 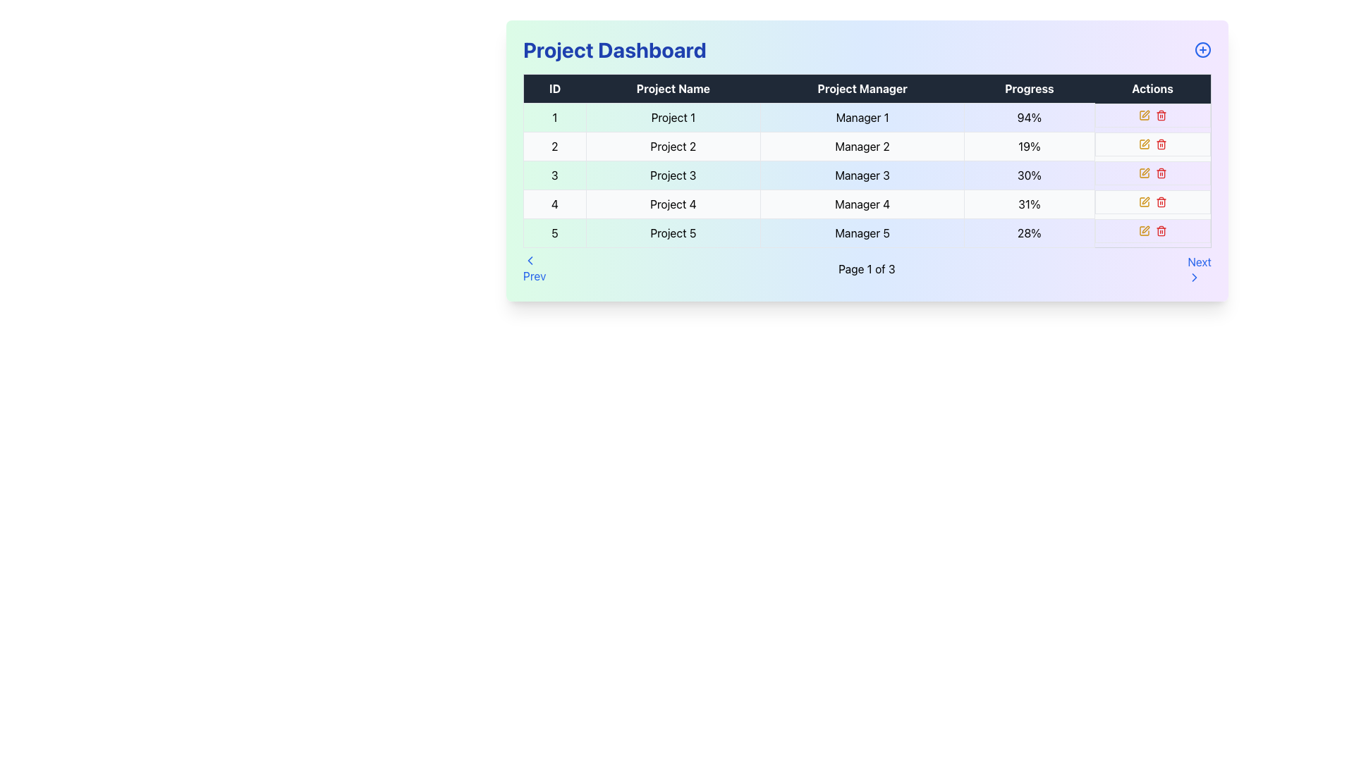 What do you see at coordinates (1029, 233) in the screenshot?
I see `the text label displaying '28%' in bold black font, located in the fifth row under the 'Progress' column of the table` at bounding box center [1029, 233].